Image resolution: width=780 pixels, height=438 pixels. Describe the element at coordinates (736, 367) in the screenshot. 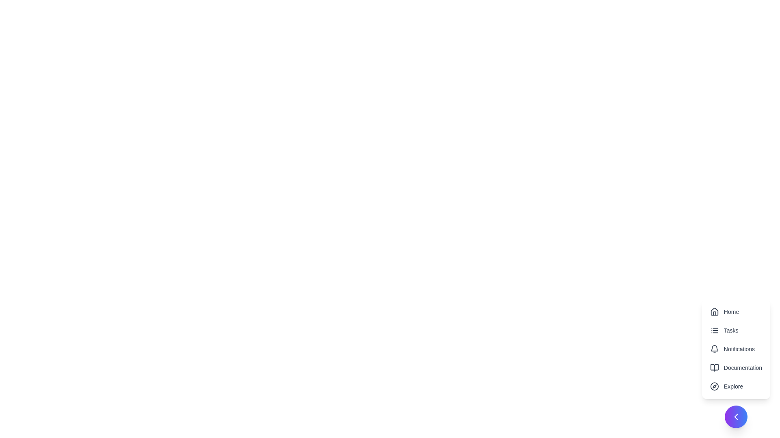

I see `the menu item Documentation from the speed dial options` at that location.